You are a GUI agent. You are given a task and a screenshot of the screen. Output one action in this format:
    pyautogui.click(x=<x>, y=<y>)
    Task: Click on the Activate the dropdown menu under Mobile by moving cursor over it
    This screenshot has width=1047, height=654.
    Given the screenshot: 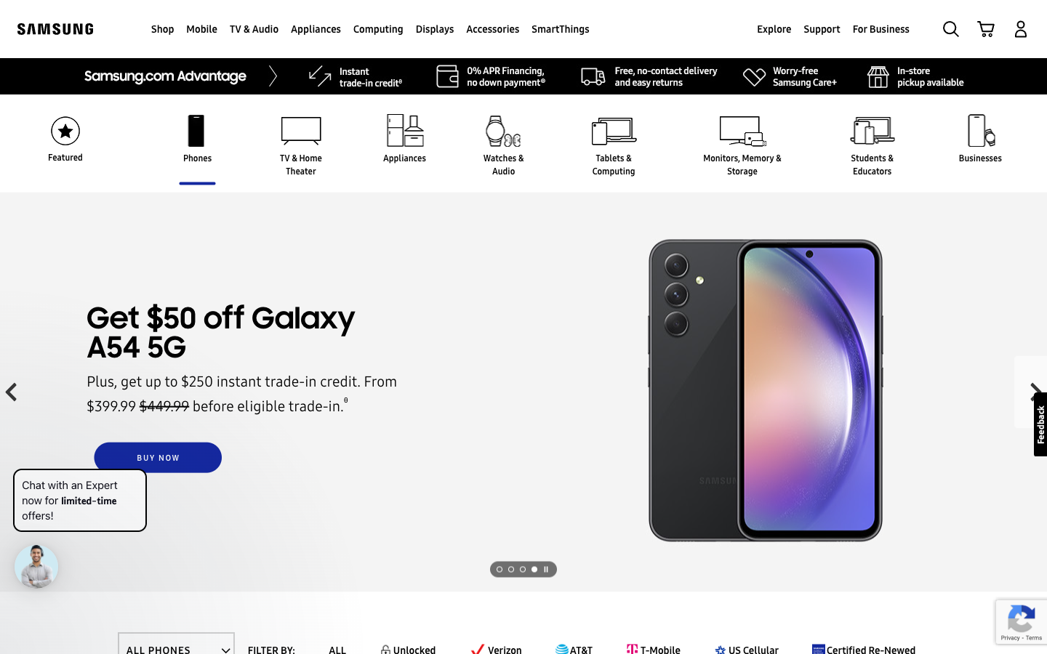 What is the action you would take?
    pyautogui.click(x=290542, y=26160)
    